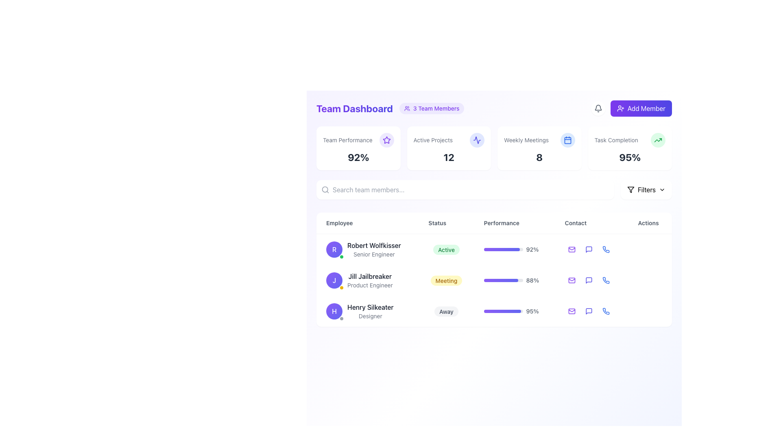 This screenshot has width=781, height=439. Describe the element at coordinates (373, 254) in the screenshot. I see `the Text label indicating the professional designation of the employee 'Robert Wolfkisser', which is located in the 'Employee' column, directly below his name and above the 'Status' field` at that location.